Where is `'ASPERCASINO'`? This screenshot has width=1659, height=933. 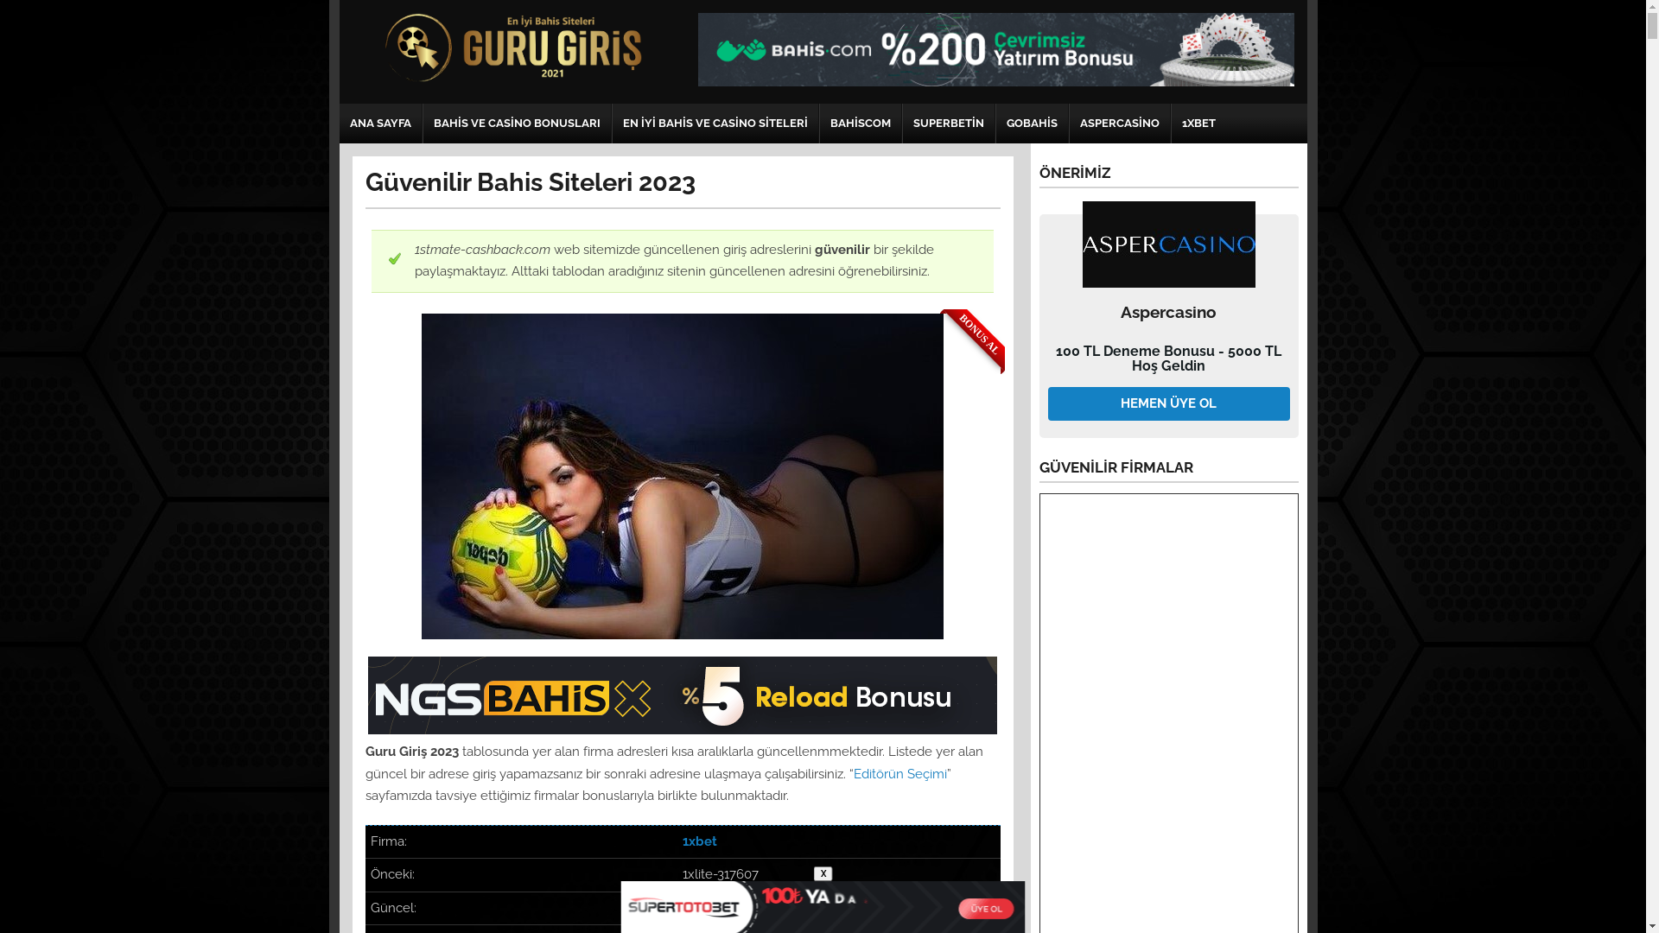 'ASPERCASINO' is located at coordinates (1120, 122).